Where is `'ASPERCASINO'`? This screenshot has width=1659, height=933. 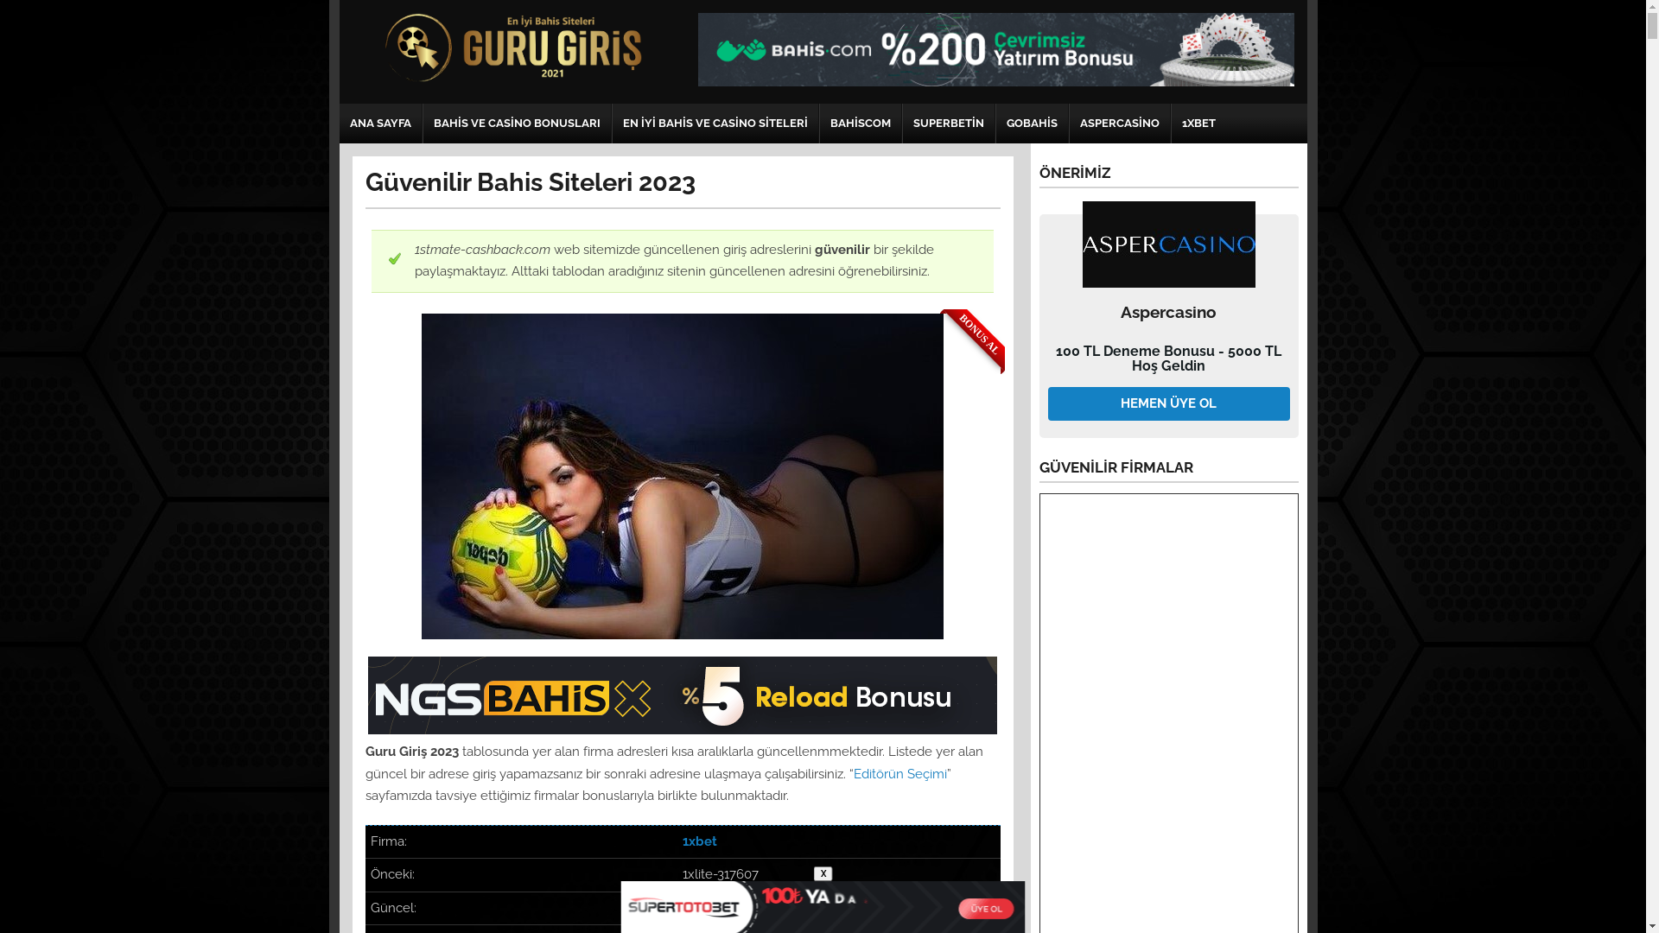 'ASPERCASINO' is located at coordinates (1120, 122).